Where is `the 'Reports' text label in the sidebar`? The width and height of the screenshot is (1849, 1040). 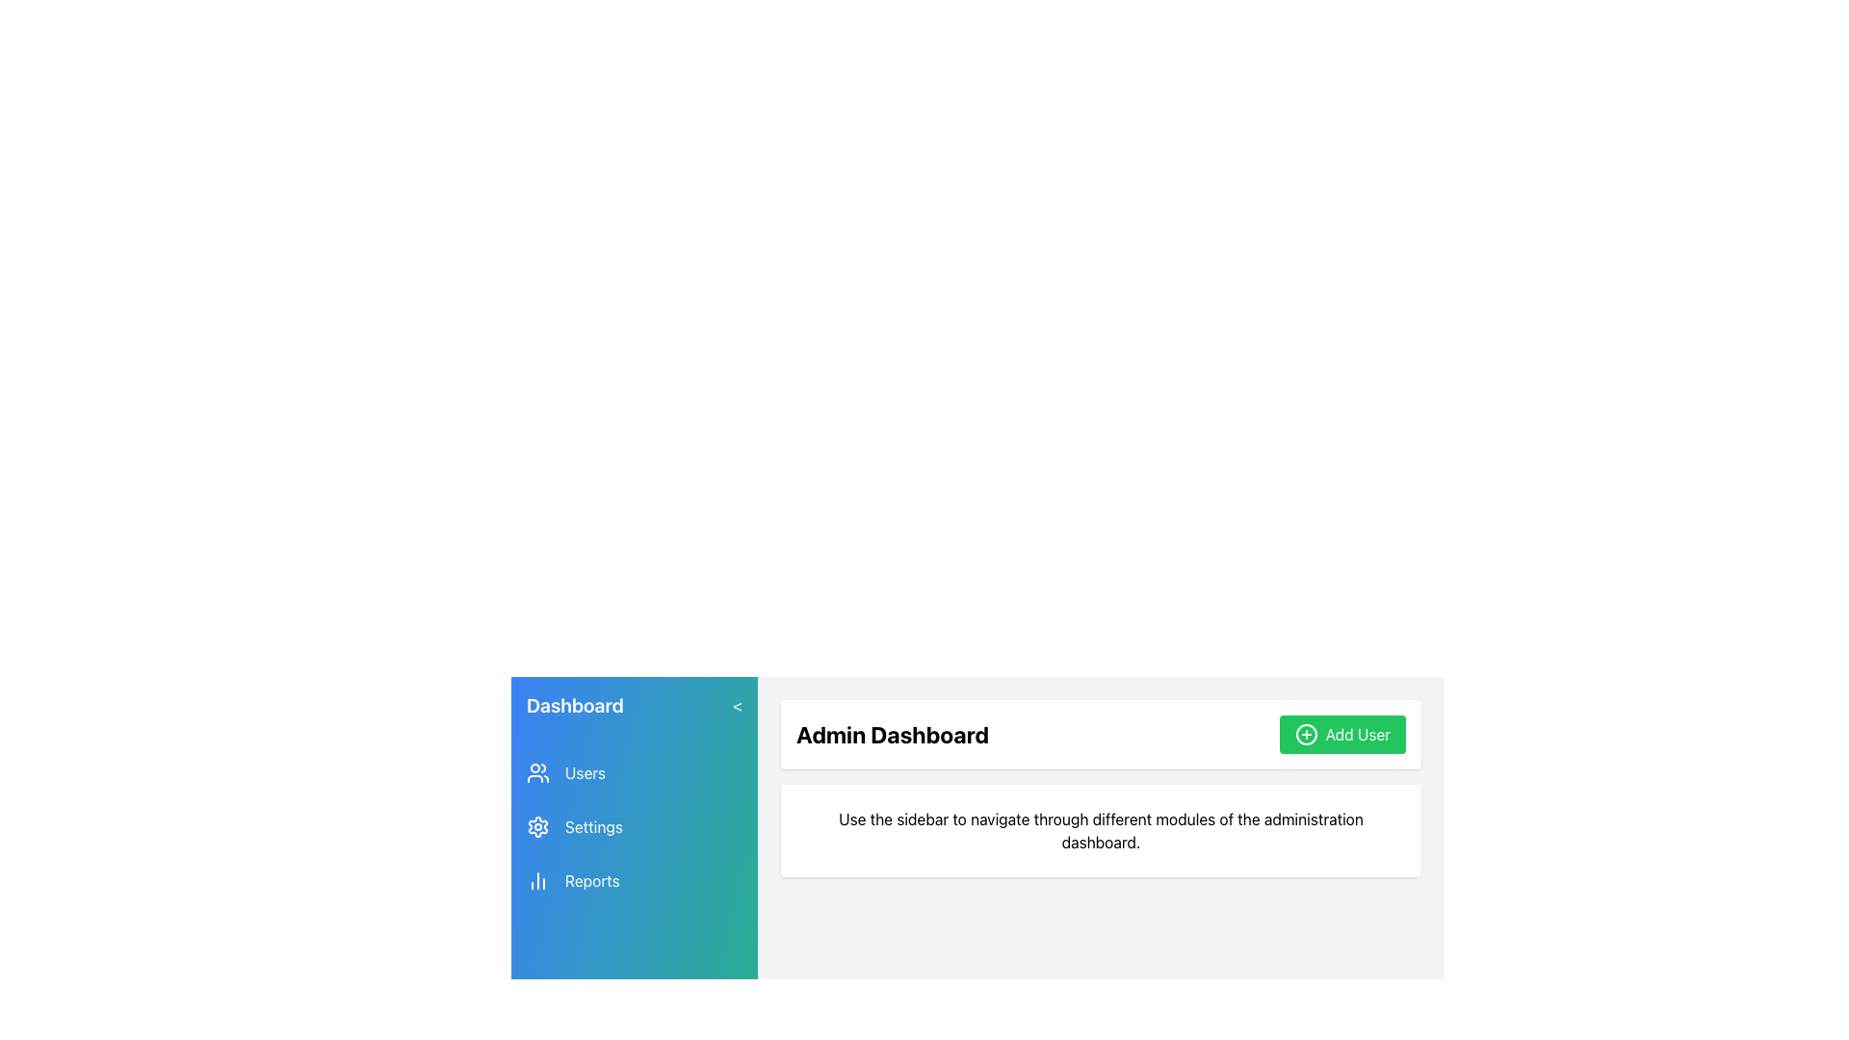 the 'Reports' text label in the sidebar is located at coordinates (591, 880).